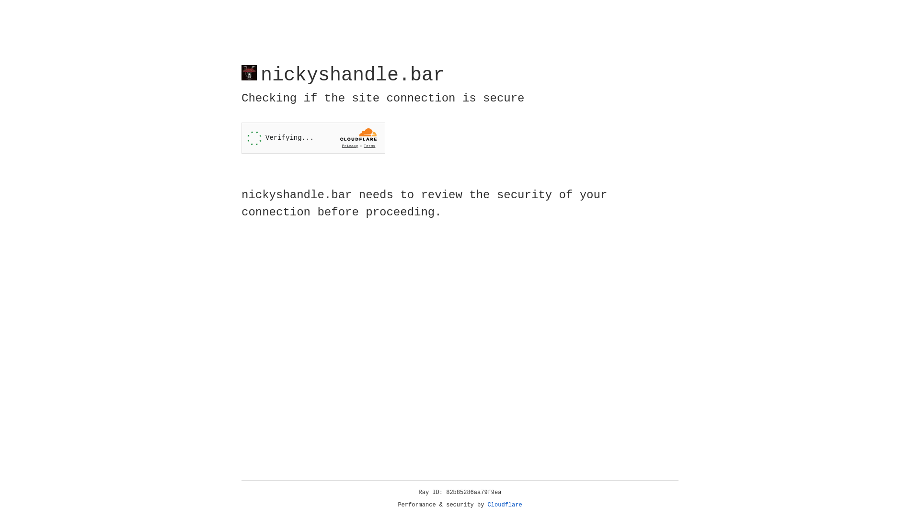  What do you see at coordinates (313, 138) in the screenshot?
I see `'Widget containing a Cloudflare security challenge'` at bounding box center [313, 138].